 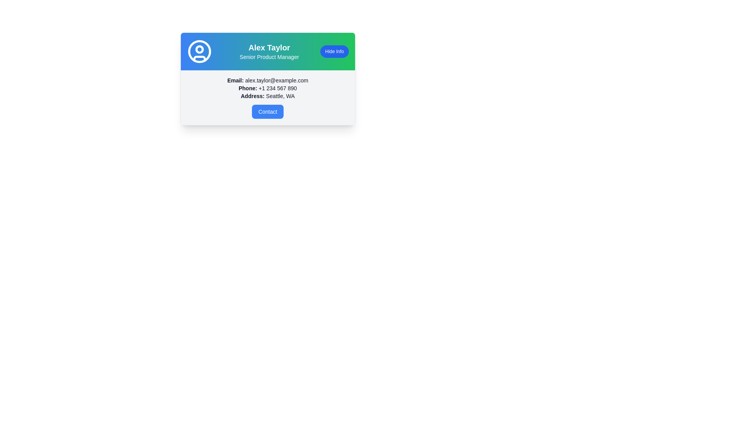 What do you see at coordinates (268, 96) in the screenshot?
I see `the text label that reads 'Address: Seattle, WA', which is the third text line in a light gray section of the interface, positioned between the 'Phone' line and the 'Contact' button` at bounding box center [268, 96].